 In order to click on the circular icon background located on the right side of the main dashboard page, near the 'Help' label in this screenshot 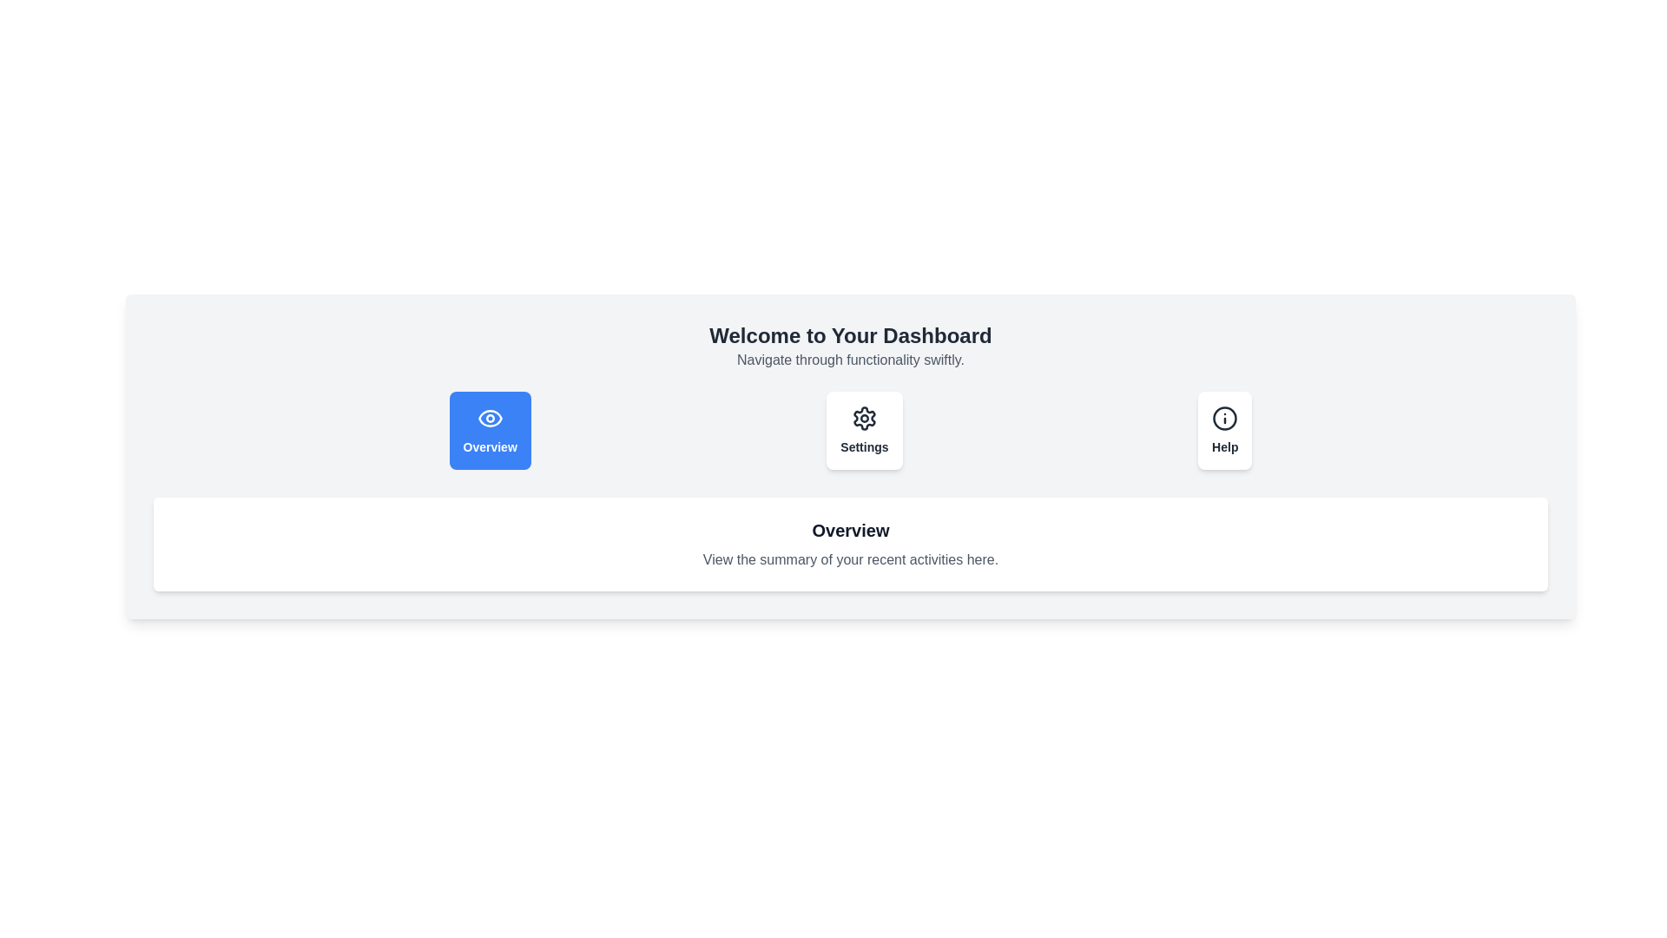, I will do `click(1224, 419)`.